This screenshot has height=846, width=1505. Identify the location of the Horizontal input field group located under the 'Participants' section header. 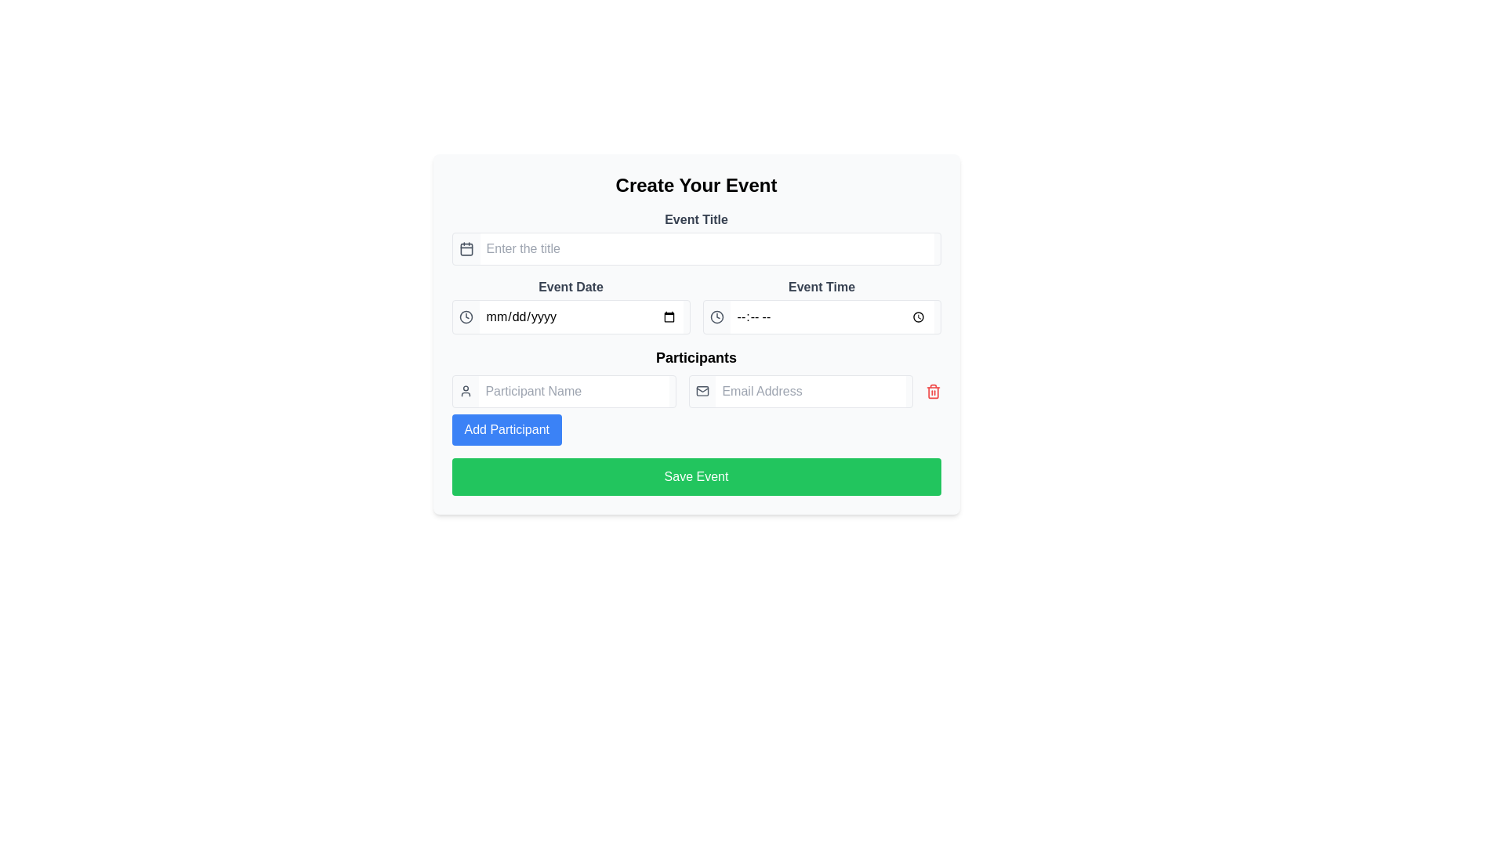
(695, 391).